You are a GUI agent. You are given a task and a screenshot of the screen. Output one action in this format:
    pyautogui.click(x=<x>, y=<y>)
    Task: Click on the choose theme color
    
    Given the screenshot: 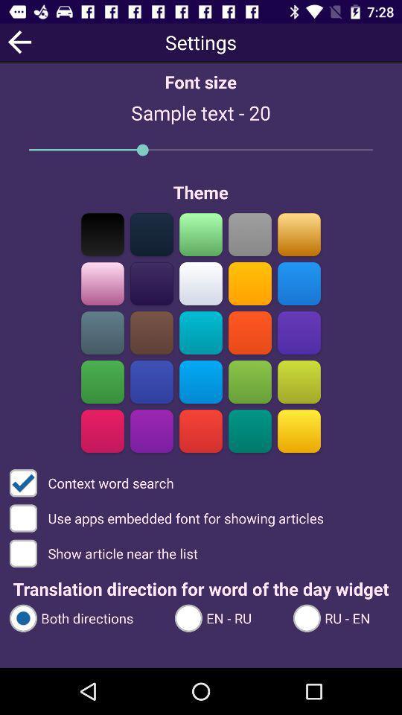 What is the action you would take?
    pyautogui.click(x=151, y=332)
    